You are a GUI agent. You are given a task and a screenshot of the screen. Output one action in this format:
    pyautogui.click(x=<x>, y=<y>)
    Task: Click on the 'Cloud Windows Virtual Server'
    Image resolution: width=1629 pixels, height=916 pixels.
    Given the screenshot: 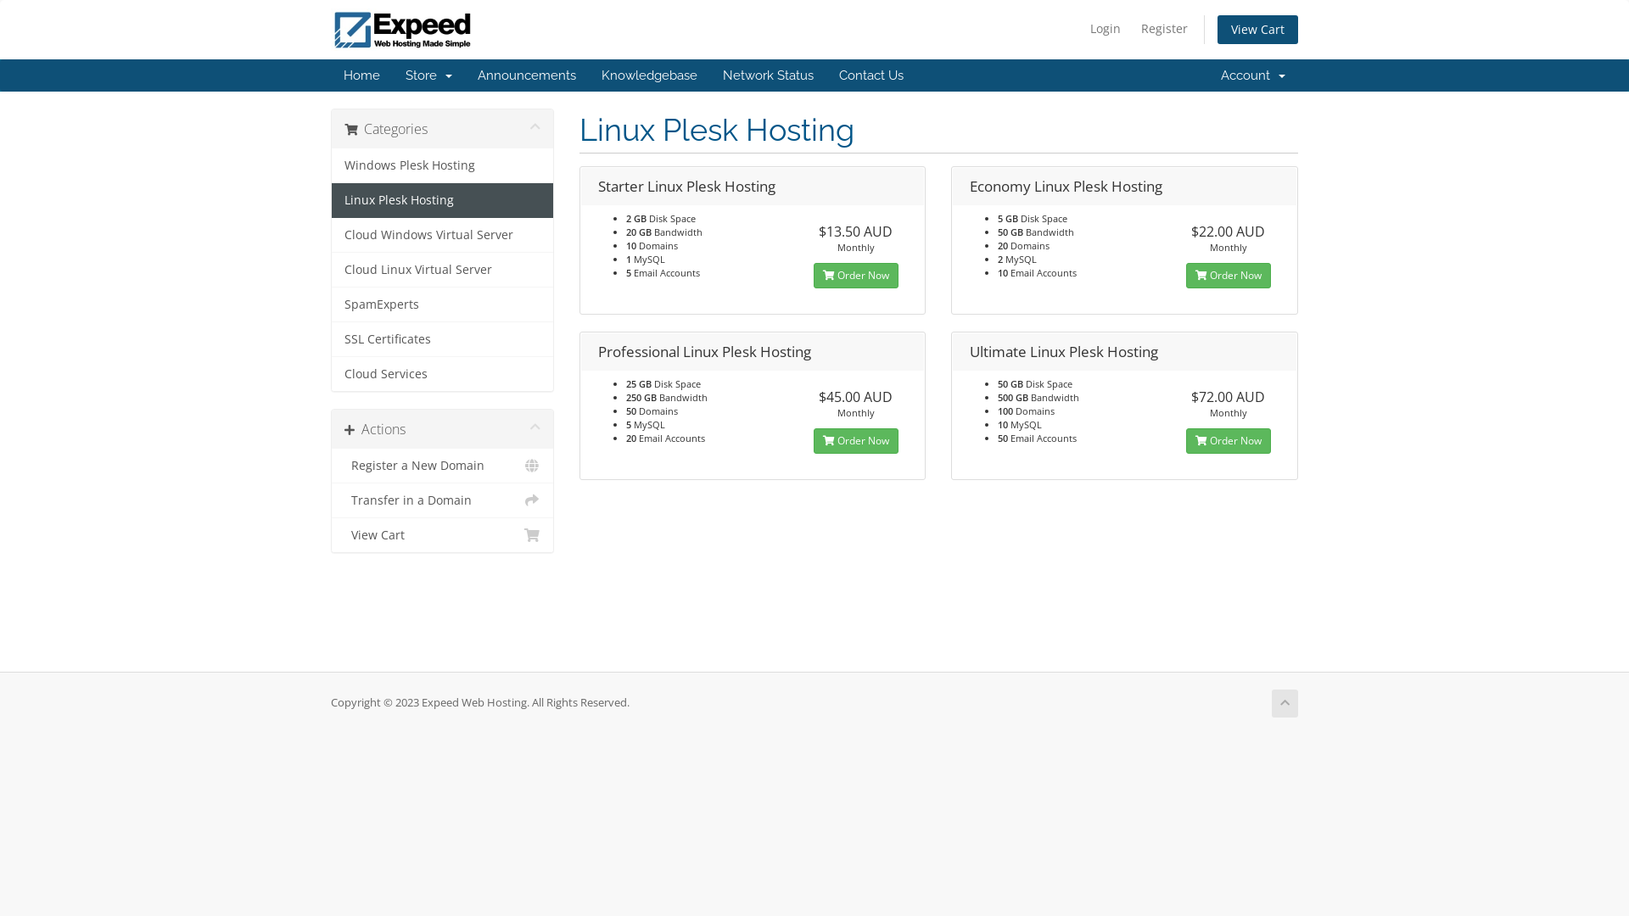 What is the action you would take?
    pyautogui.click(x=331, y=235)
    